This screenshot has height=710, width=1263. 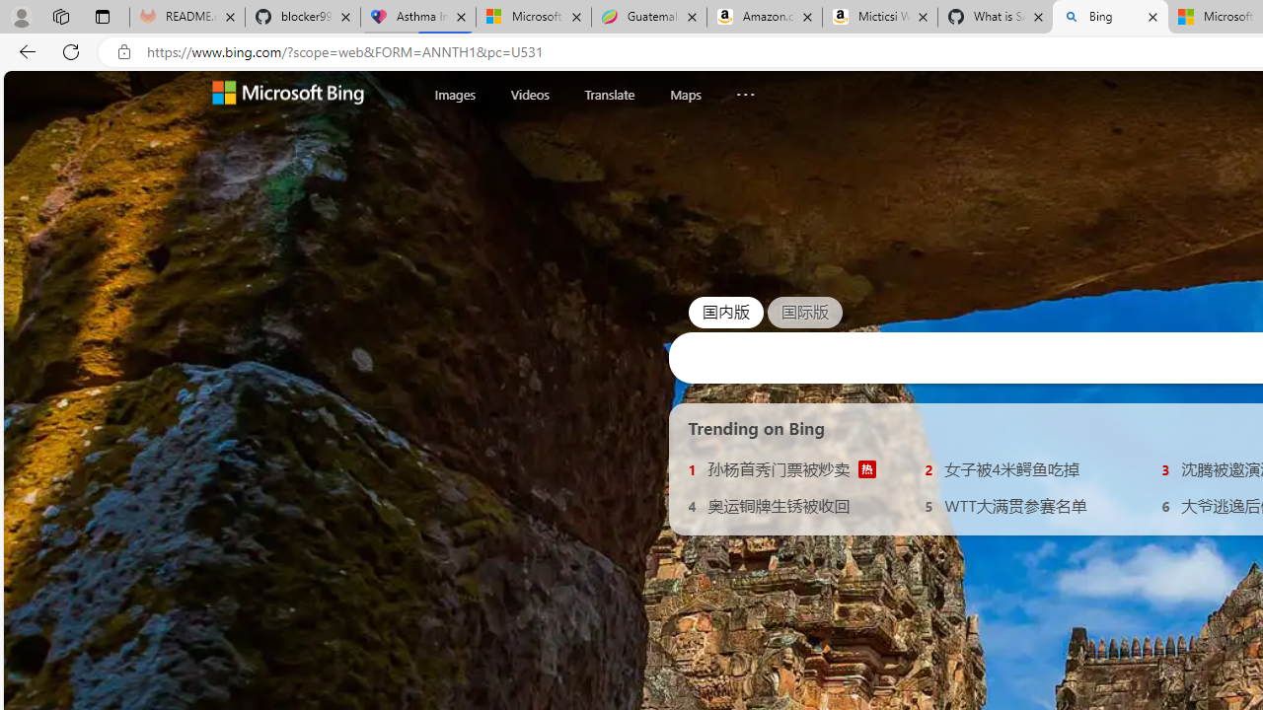 I want to click on 'Asthma Inhalers: Names and Types', so click(x=417, y=17).